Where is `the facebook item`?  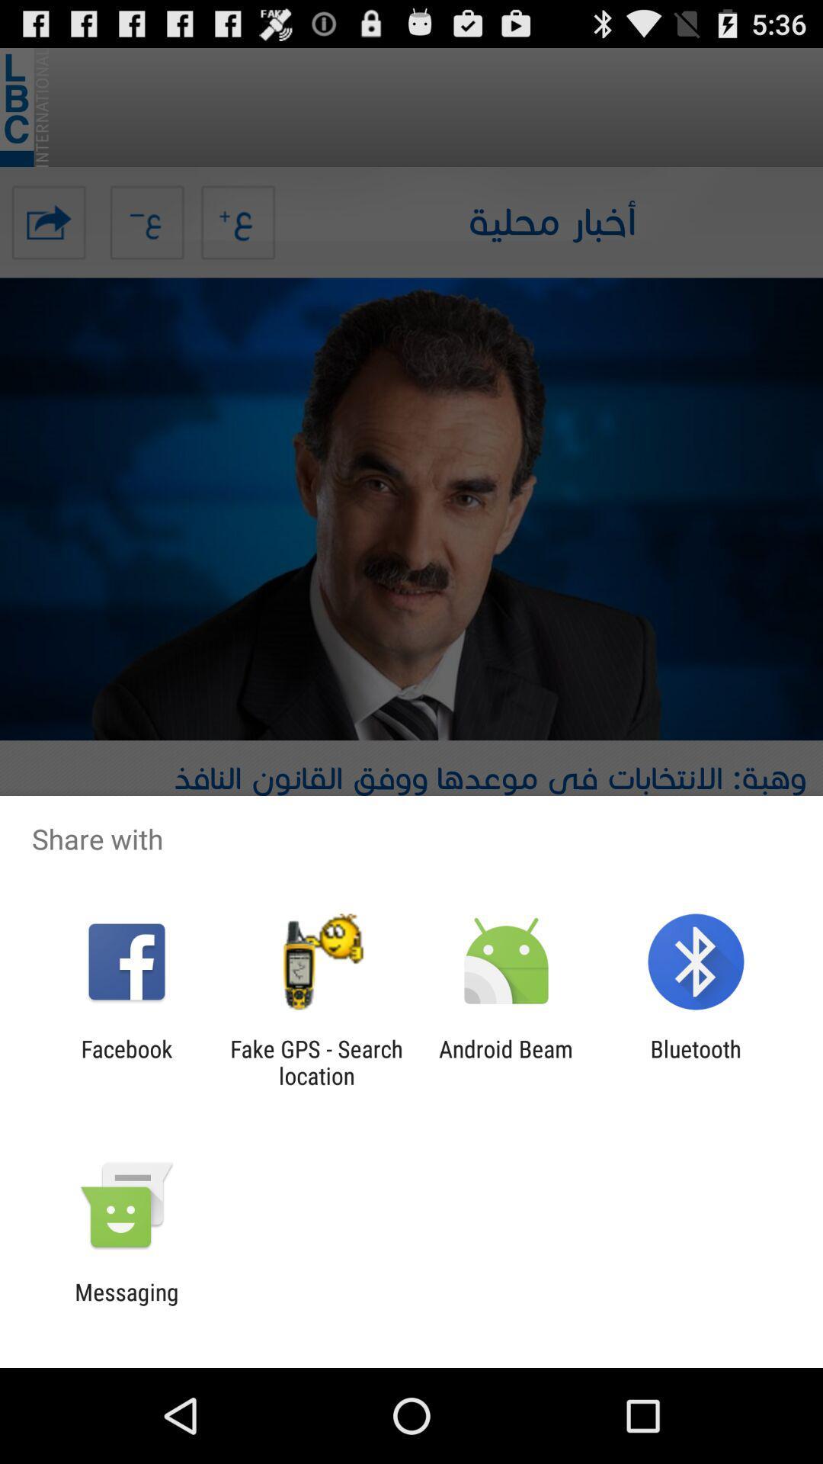 the facebook item is located at coordinates (126, 1061).